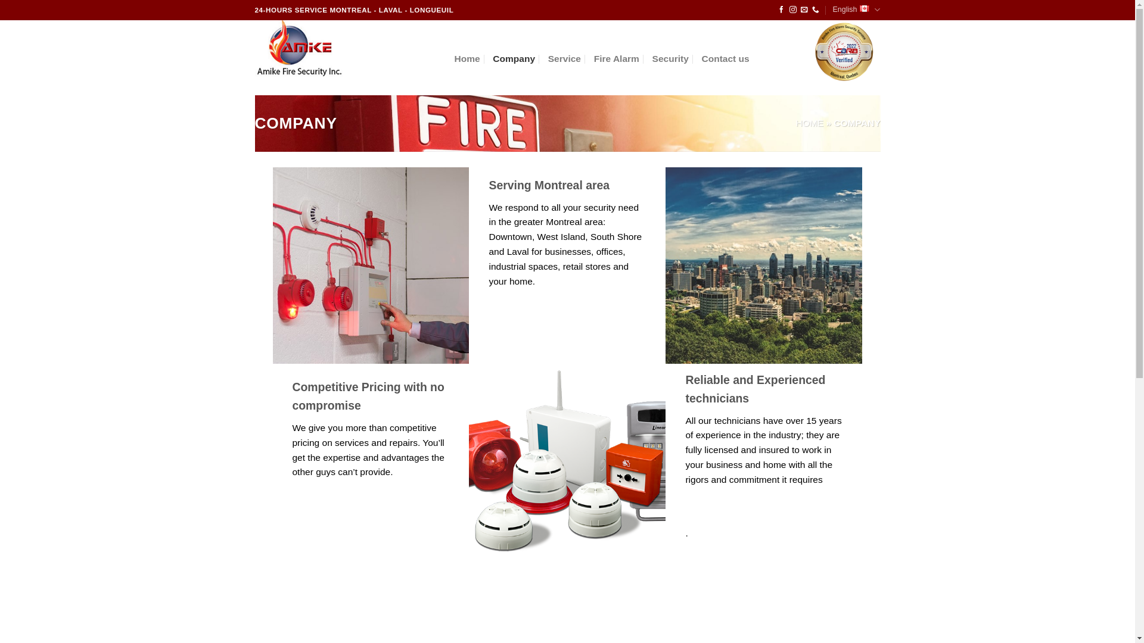 The image size is (1144, 643). What do you see at coordinates (466, 58) in the screenshot?
I see `'Home'` at bounding box center [466, 58].